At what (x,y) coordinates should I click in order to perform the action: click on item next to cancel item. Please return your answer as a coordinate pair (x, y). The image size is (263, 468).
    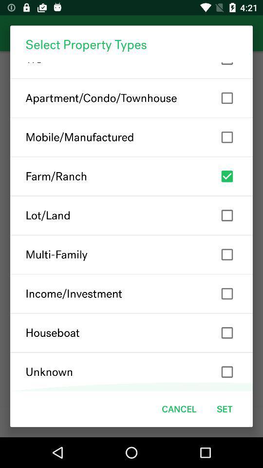
    Looking at the image, I should click on (225, 409).